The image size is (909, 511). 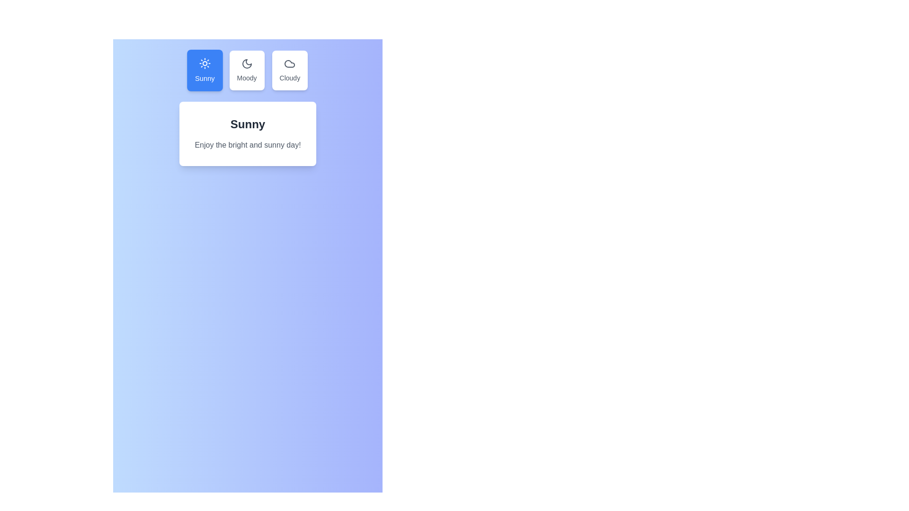 I want to click on the weather tab labeled Moody and read its content, so click(x=247, y=70).